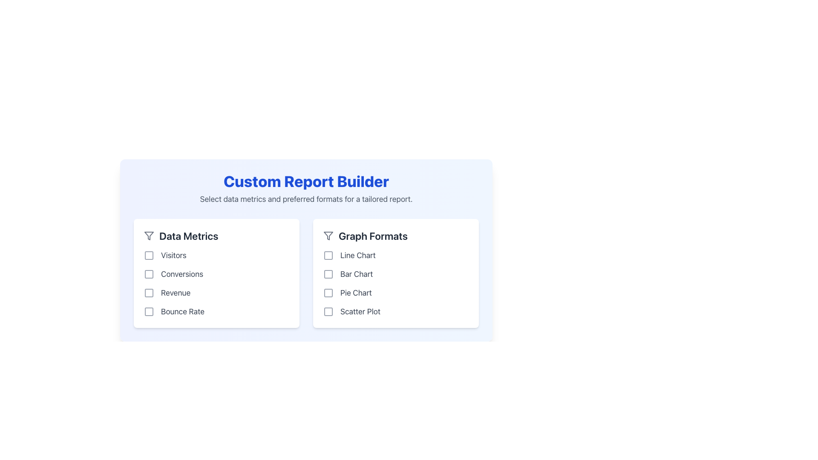  Describe the element at coordinates (328, 236) in the screenshot. I see `the decorative or functional icon located as the leftmost component within the 'Graph Formats' section header, which may hint at a dropdown filter or settings menu` at that location.